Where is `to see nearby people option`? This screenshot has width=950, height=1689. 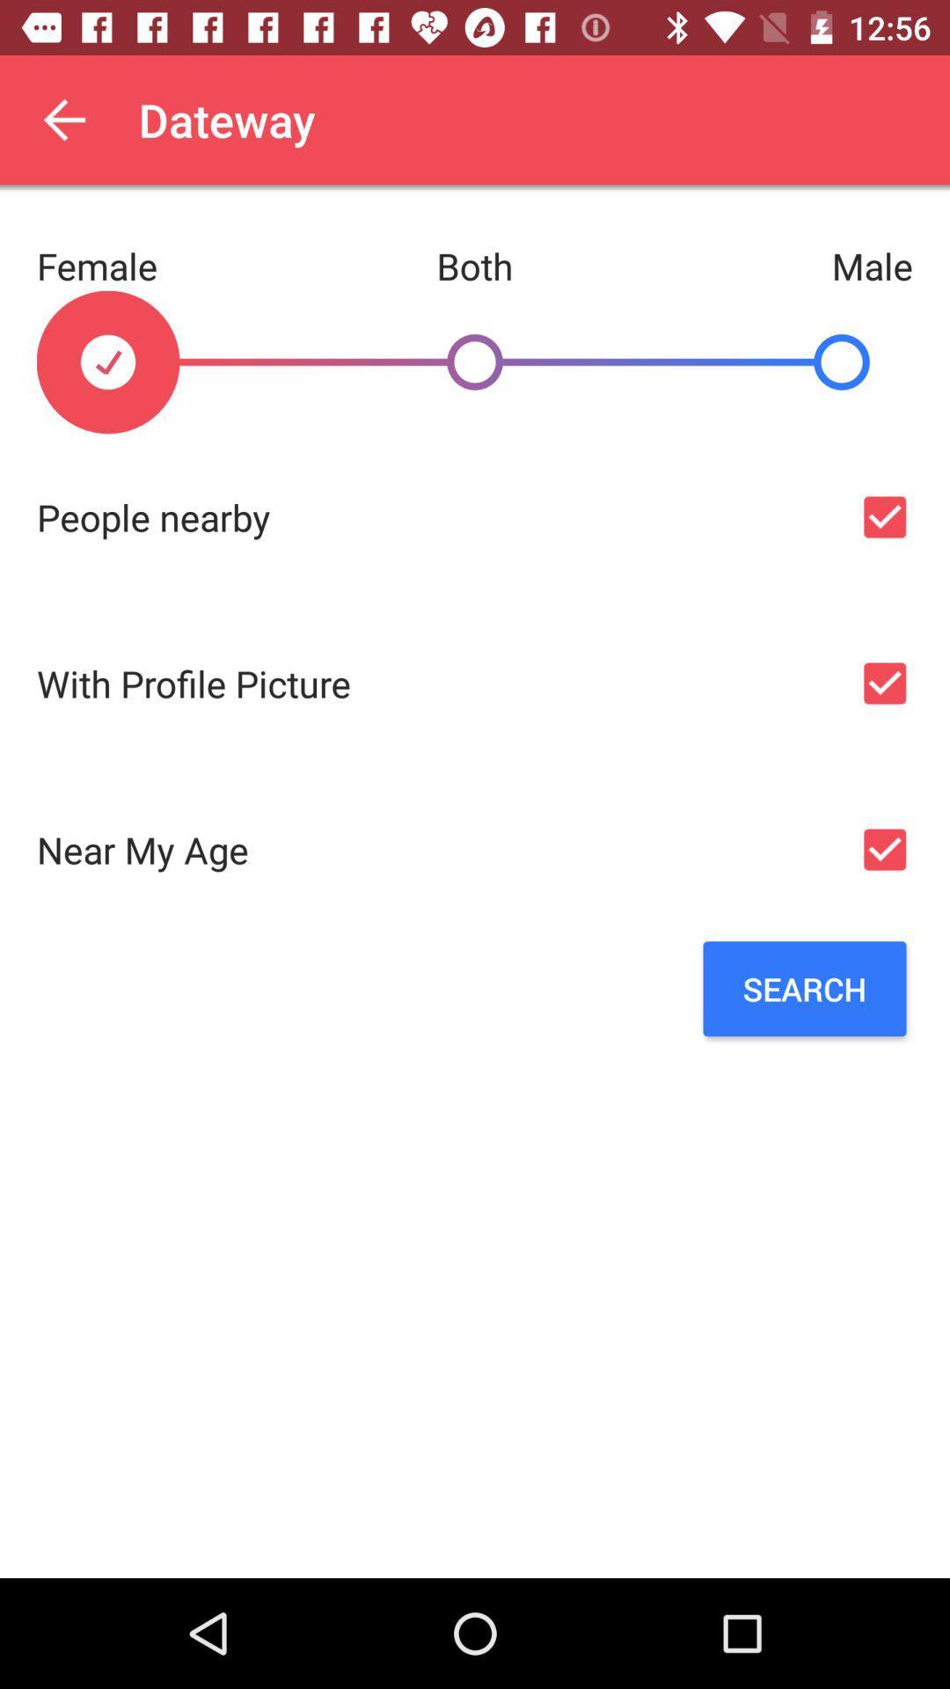
to see nearby people option is located at coordinates (884, 516).